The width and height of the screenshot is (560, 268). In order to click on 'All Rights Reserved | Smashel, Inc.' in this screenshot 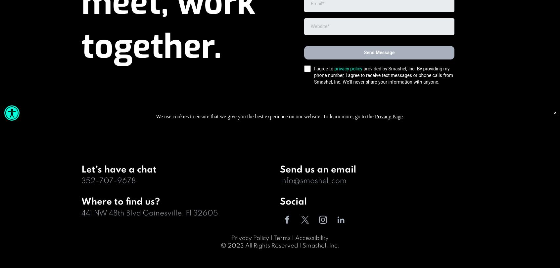, I will do `click(292, 245)`.